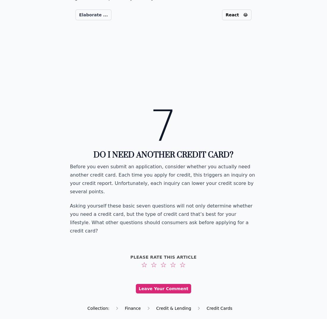 This screenshot has height=319, width=327. I want to click on 'Finance', so click(124, 308).